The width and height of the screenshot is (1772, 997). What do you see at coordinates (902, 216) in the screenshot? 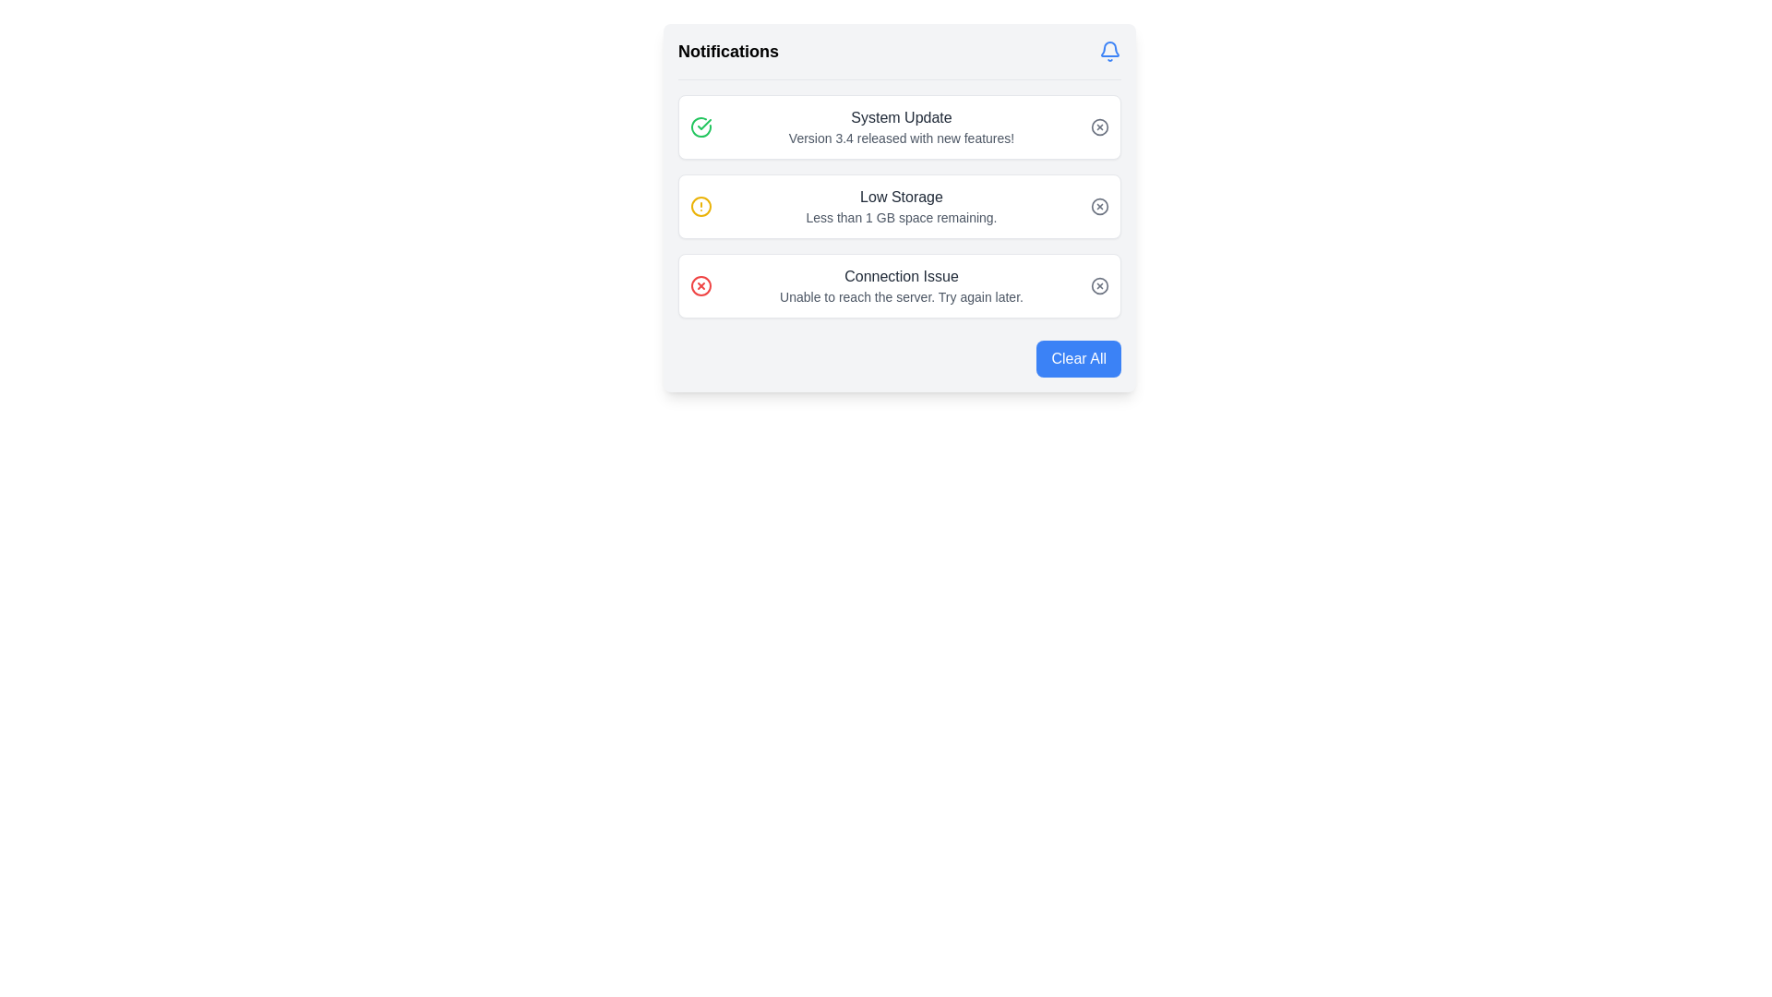
I see `text element that displays 'Less than 1 GB space remaining.' located beneath the 'Low Storage' heading` at bounding box center [902, 216].